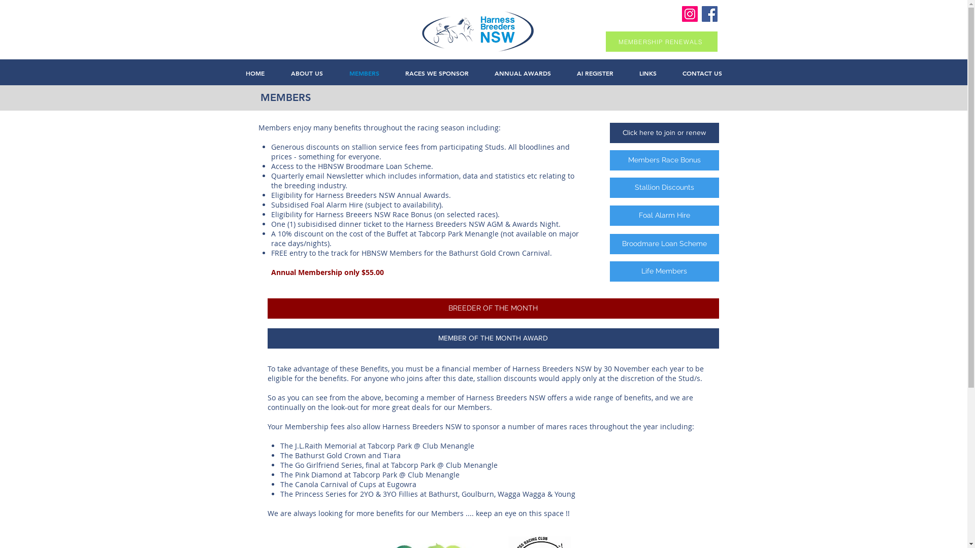 This screenshot has width=975, height=548. Describe the element at coordinates (306, 73) in the screenshot. I see `'ABOUT US'` at that location.